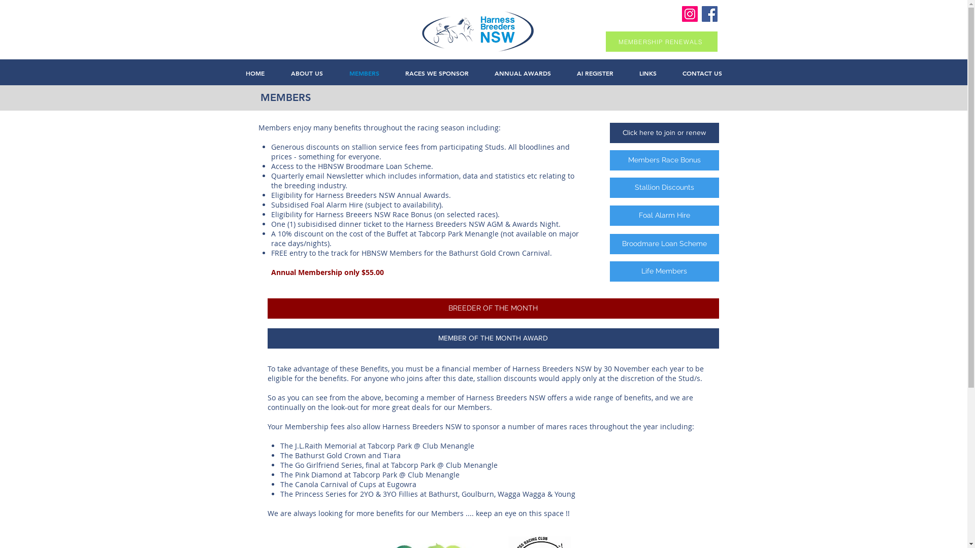 This screenshot has width=975, height=548. Describe the element at coordinates (306, 73) in the screenshot. I see `'ABOUT US'` at that location.